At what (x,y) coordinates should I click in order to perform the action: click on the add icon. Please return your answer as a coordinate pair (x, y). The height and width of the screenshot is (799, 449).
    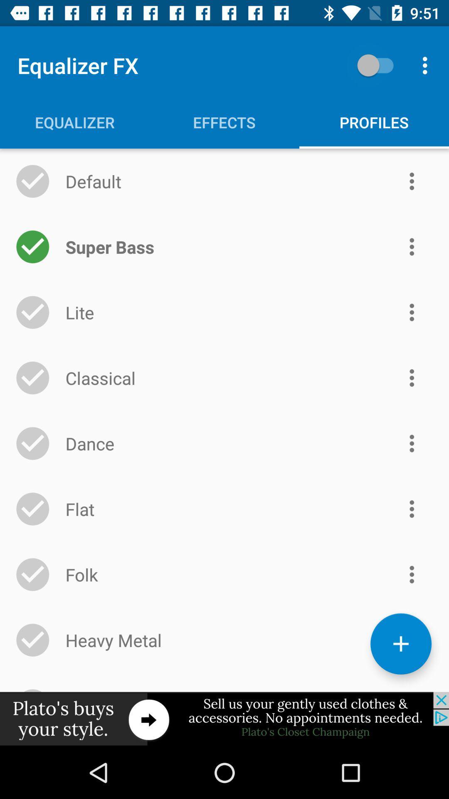
    Looking at the image, I should click on (400, 643).